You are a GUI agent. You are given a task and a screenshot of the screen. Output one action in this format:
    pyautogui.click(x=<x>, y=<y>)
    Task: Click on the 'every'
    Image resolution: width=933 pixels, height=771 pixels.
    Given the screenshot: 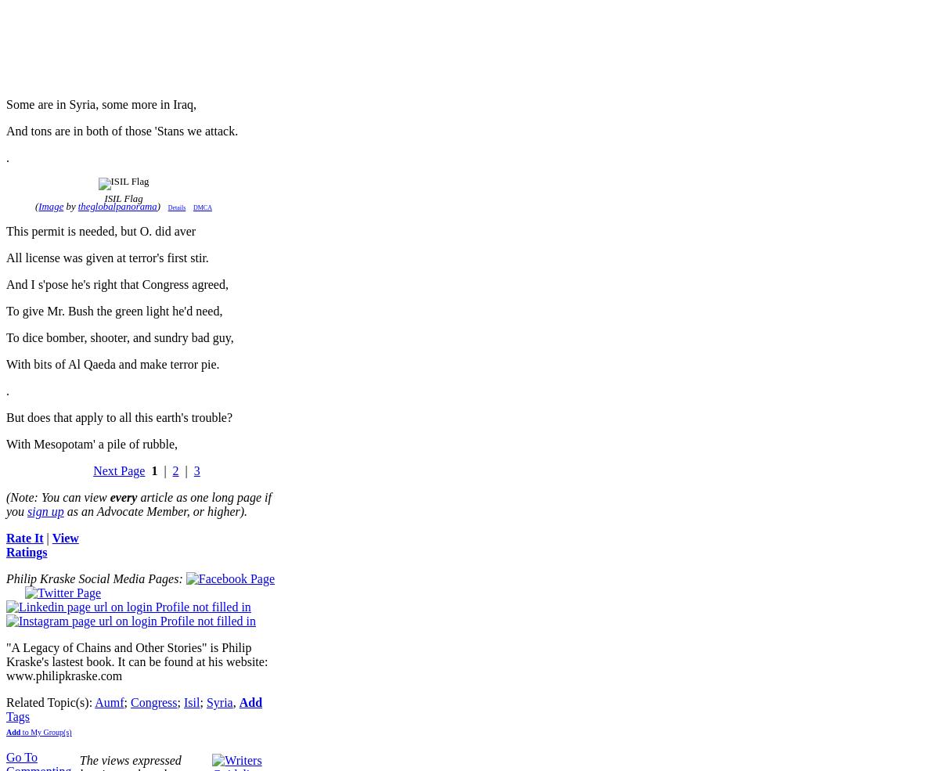 What is the action you would take?
    pyautogui.click(x=122, y=496)
    